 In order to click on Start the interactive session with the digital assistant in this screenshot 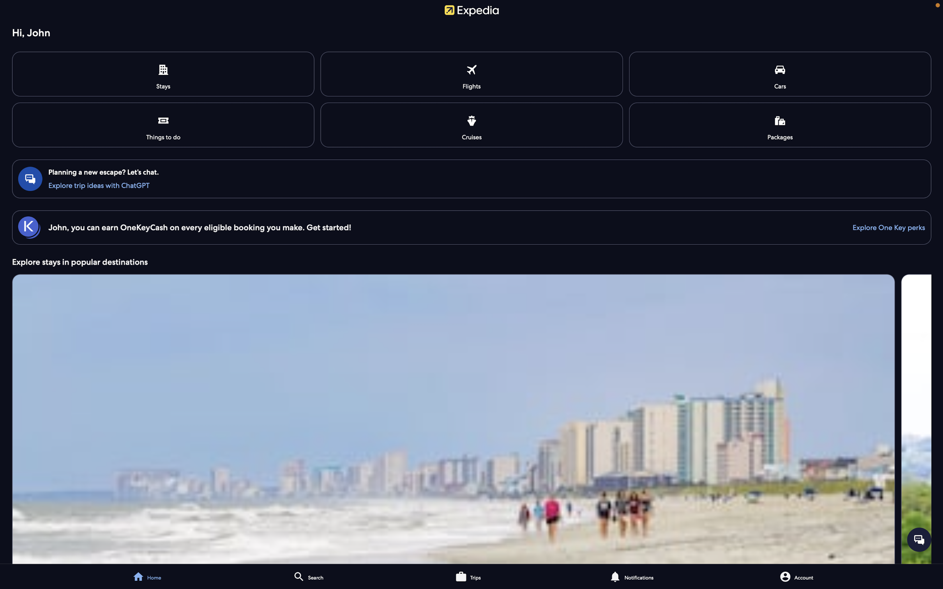, I will do `click(472, 184)`.